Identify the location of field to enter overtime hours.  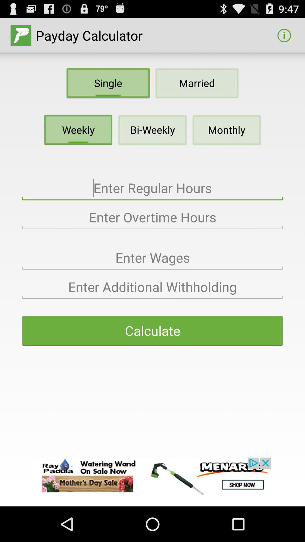
(152, 217).